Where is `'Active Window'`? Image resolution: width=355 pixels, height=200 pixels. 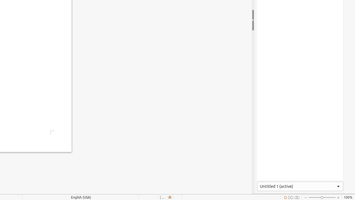
'Active Window' is located at coordinates (300, 186).